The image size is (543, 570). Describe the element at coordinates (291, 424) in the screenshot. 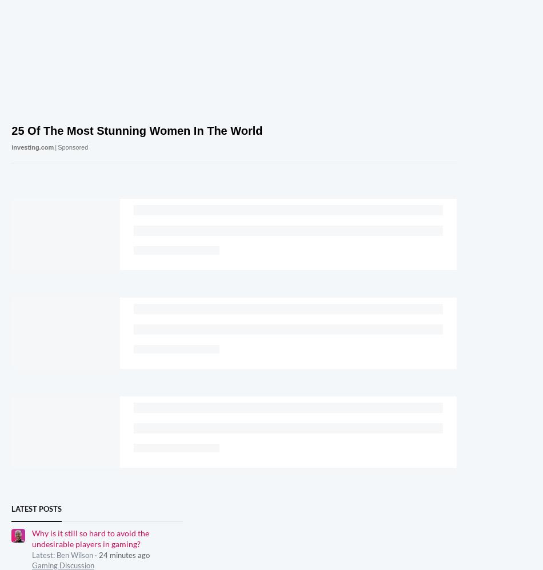

I see `'© Future Publishing Limited Quay House, The Ambury, Bath BA1 1UA.'` at that location.